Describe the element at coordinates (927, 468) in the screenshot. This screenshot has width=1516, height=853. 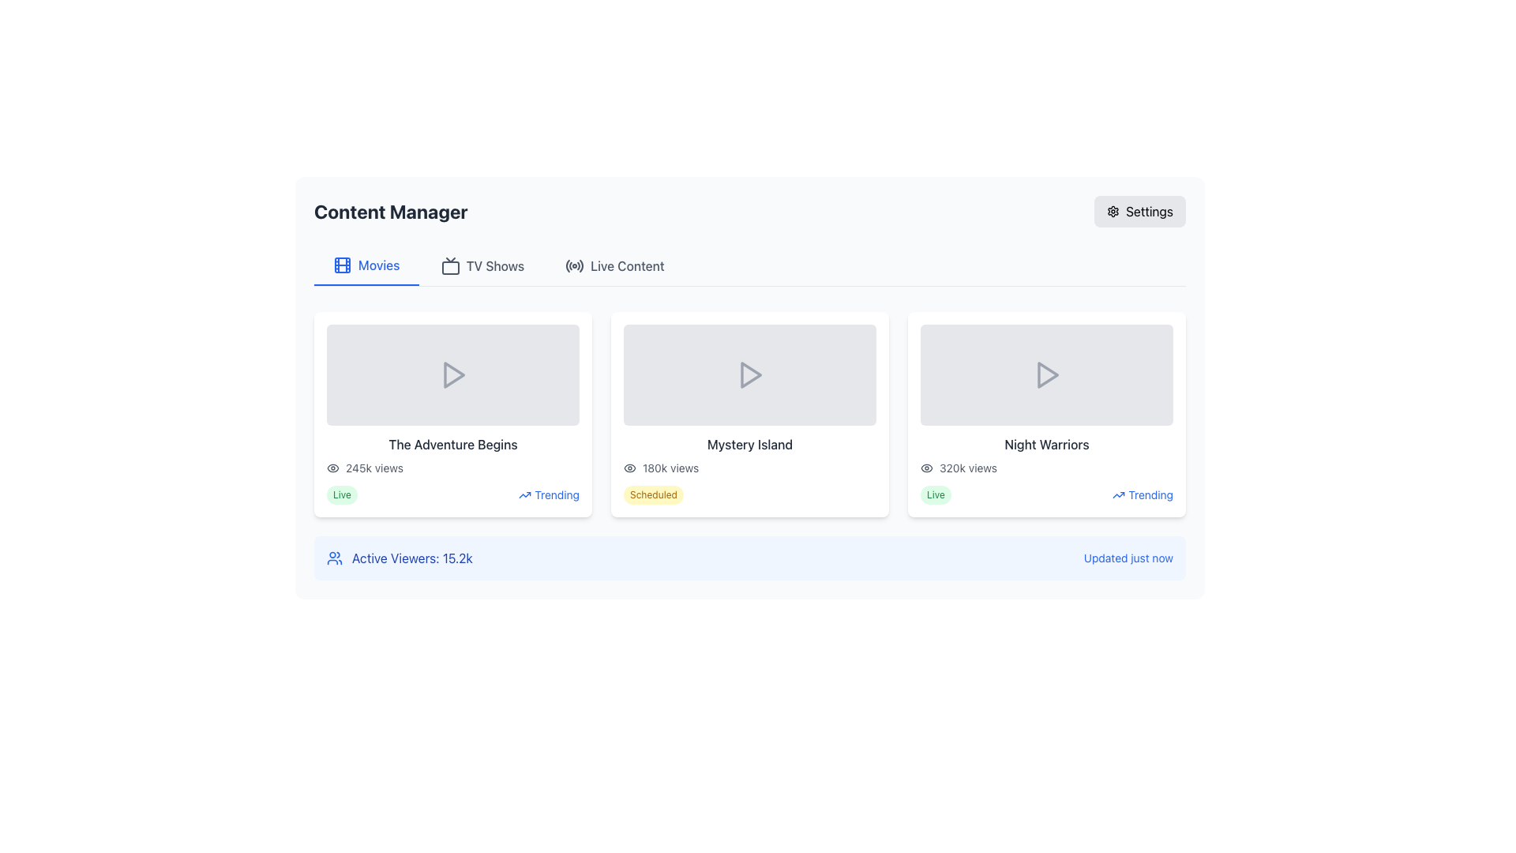
I see `the eye icon located to the left of the '320k views' text in the rightmost card of the second row` at that location.